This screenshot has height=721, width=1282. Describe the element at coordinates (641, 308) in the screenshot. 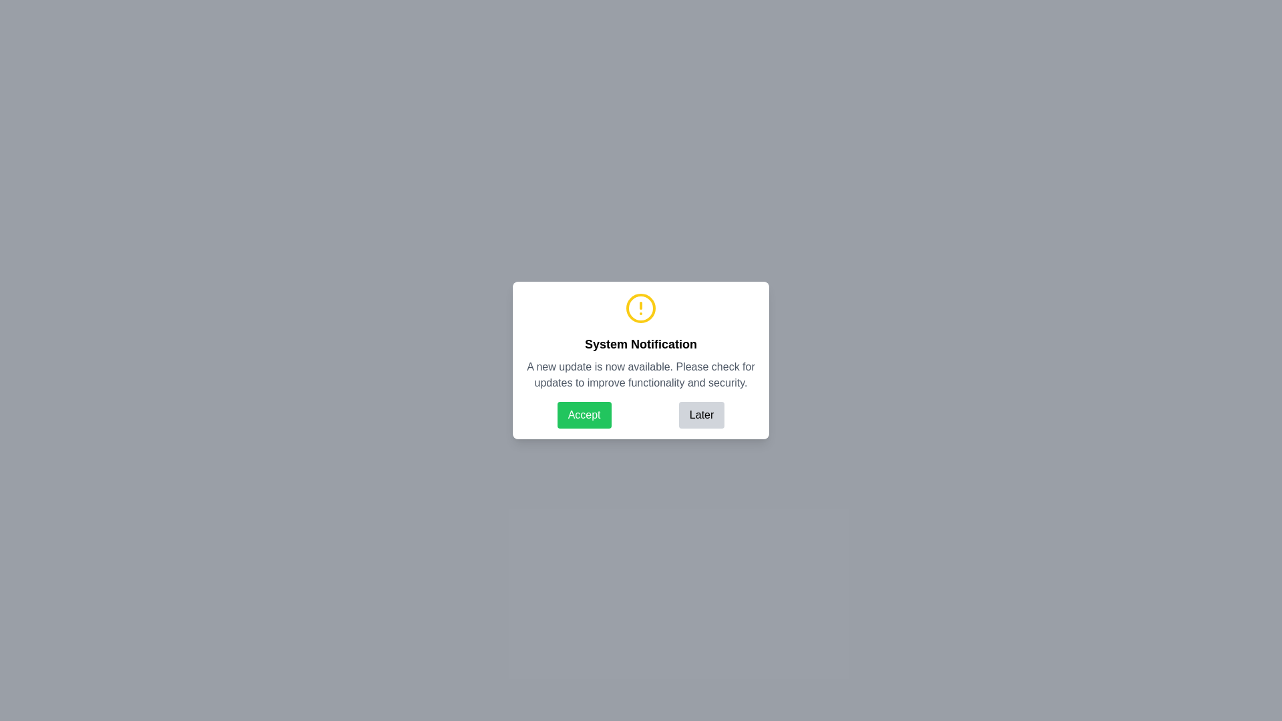

I see `the alert icon located at the top of the notification dialog, above the bold text 'System Notification'` at that location.